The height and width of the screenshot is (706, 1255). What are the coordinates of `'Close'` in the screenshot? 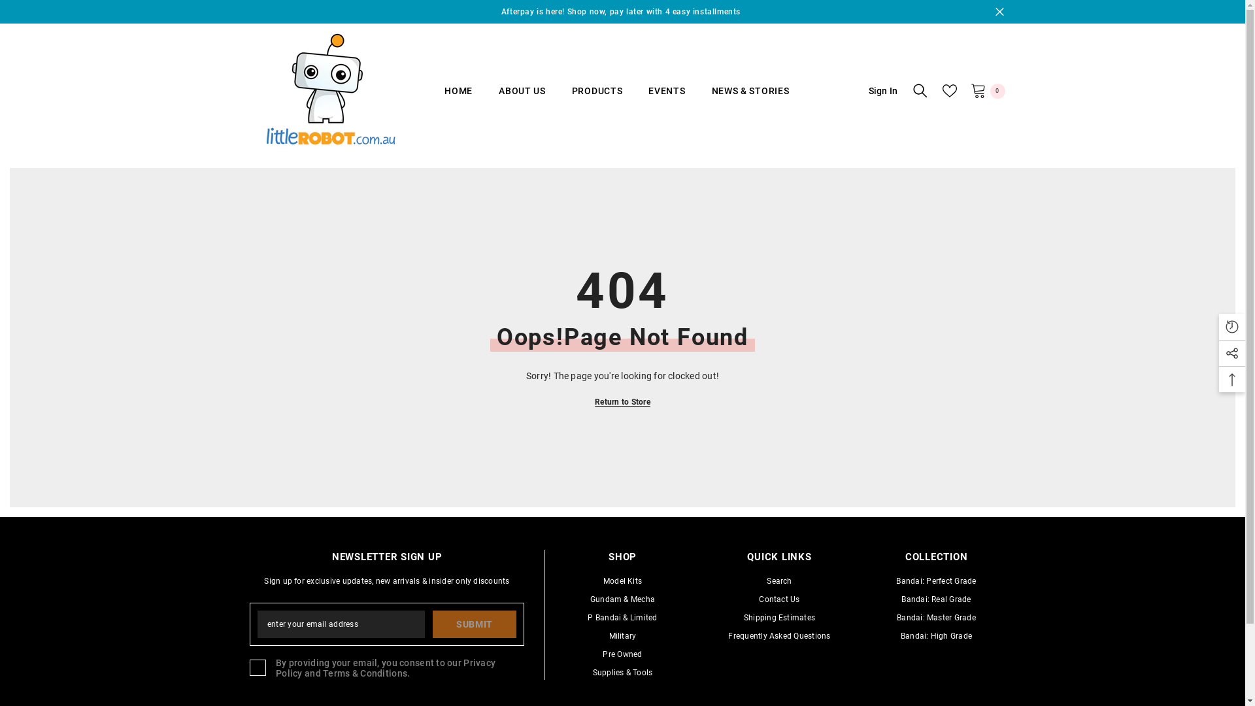 It's located at (994, 12).